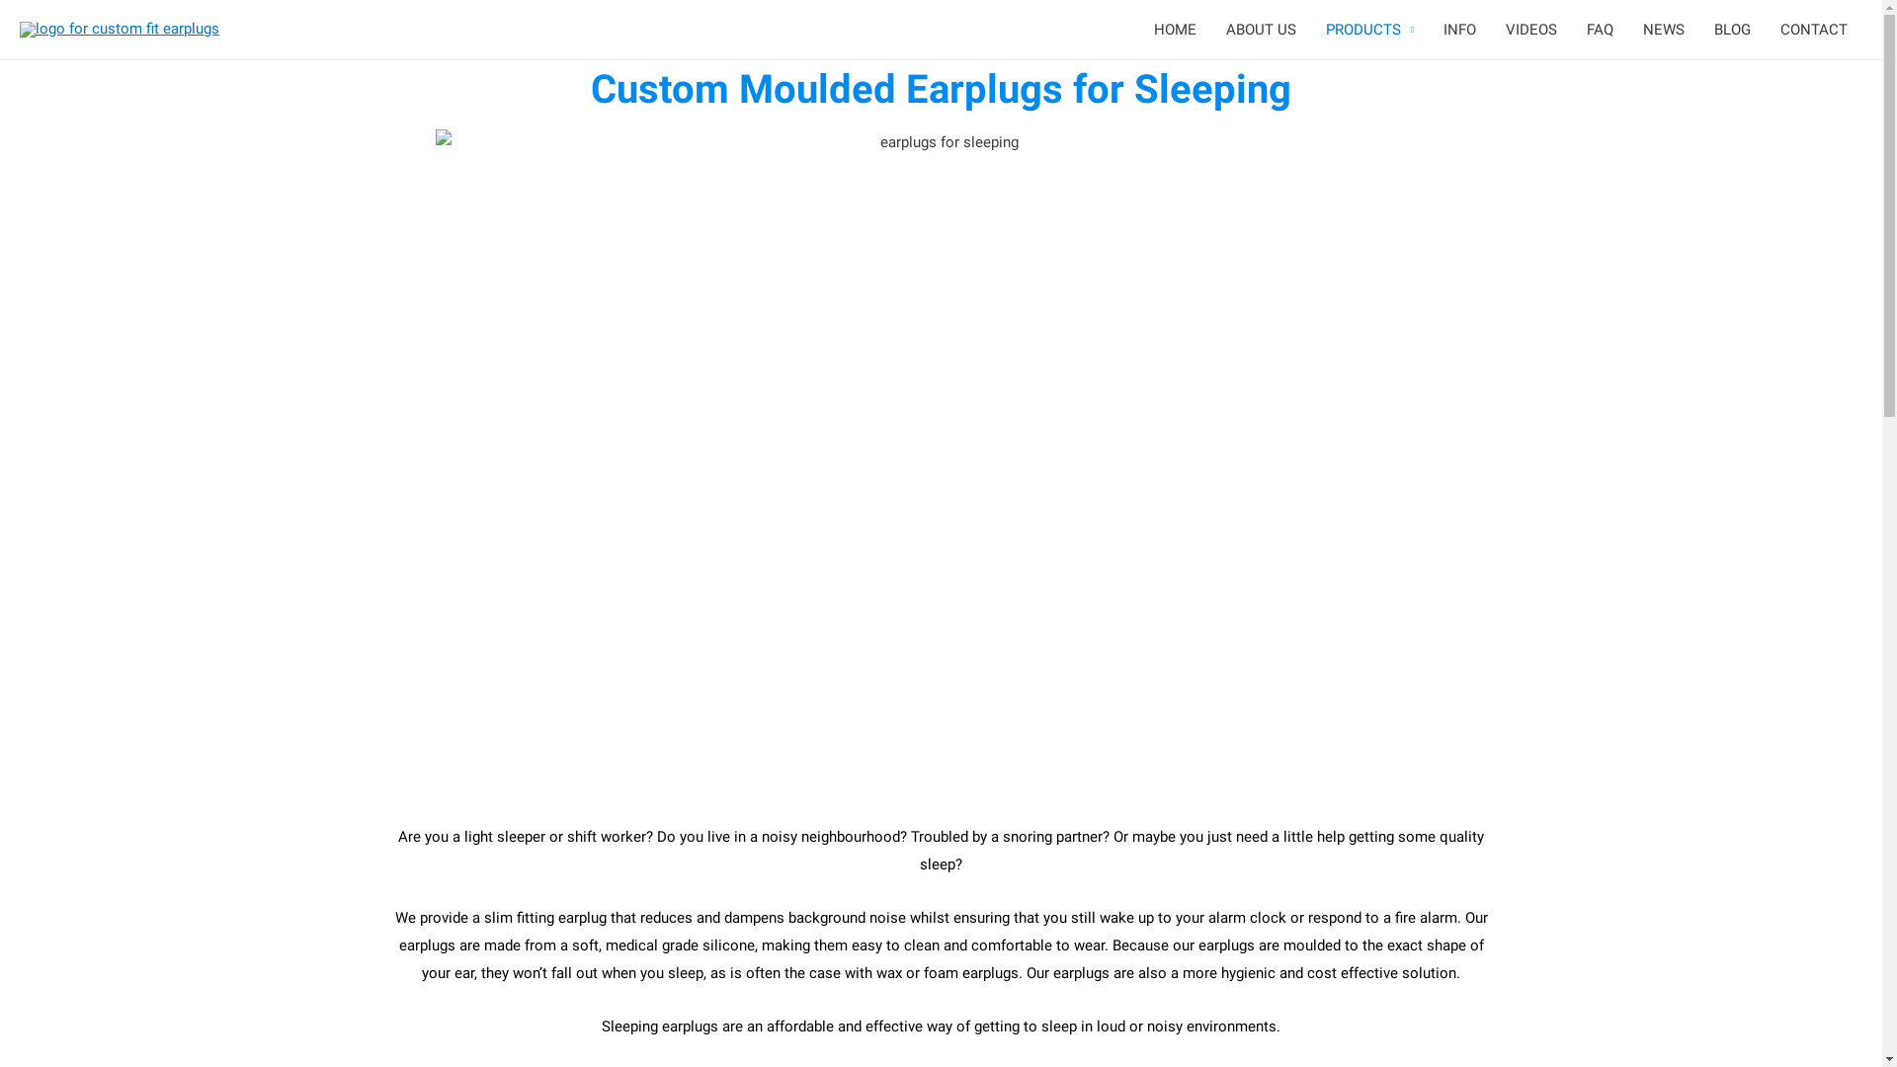 This screenshot has width=1897, height=1067. What do you see at coordinates (1459, 30) in the screenshot?
I see `'INFO'` at bounding box center [1459, 30].